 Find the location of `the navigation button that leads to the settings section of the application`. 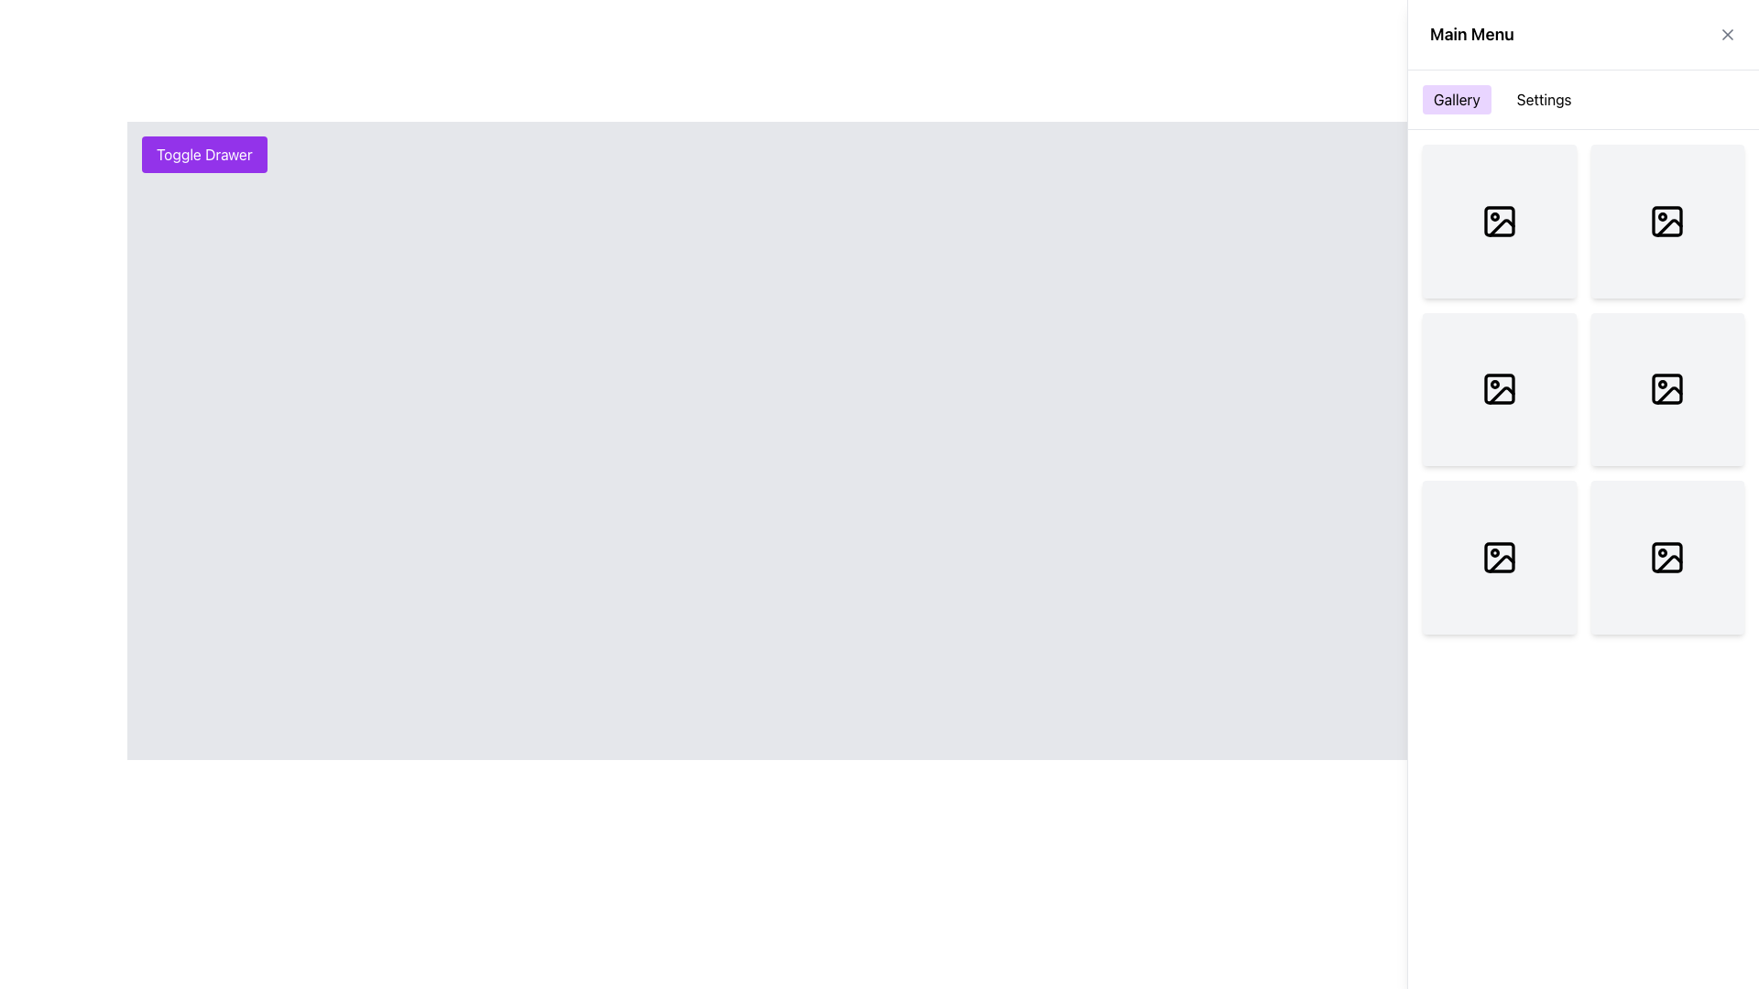

the navigation button that leads to the settings section of the application is located at coordinates (1543, 99).